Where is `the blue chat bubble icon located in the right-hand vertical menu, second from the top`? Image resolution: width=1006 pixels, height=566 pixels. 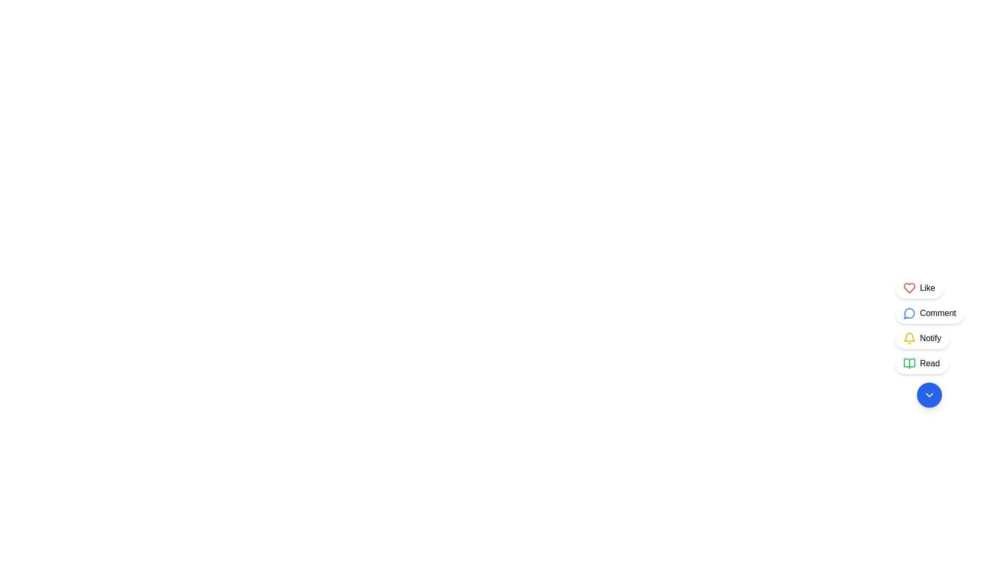 the blue chat bubble icon located in the right-hand vertical menu, second from the top is located at coordinates (909, 313).